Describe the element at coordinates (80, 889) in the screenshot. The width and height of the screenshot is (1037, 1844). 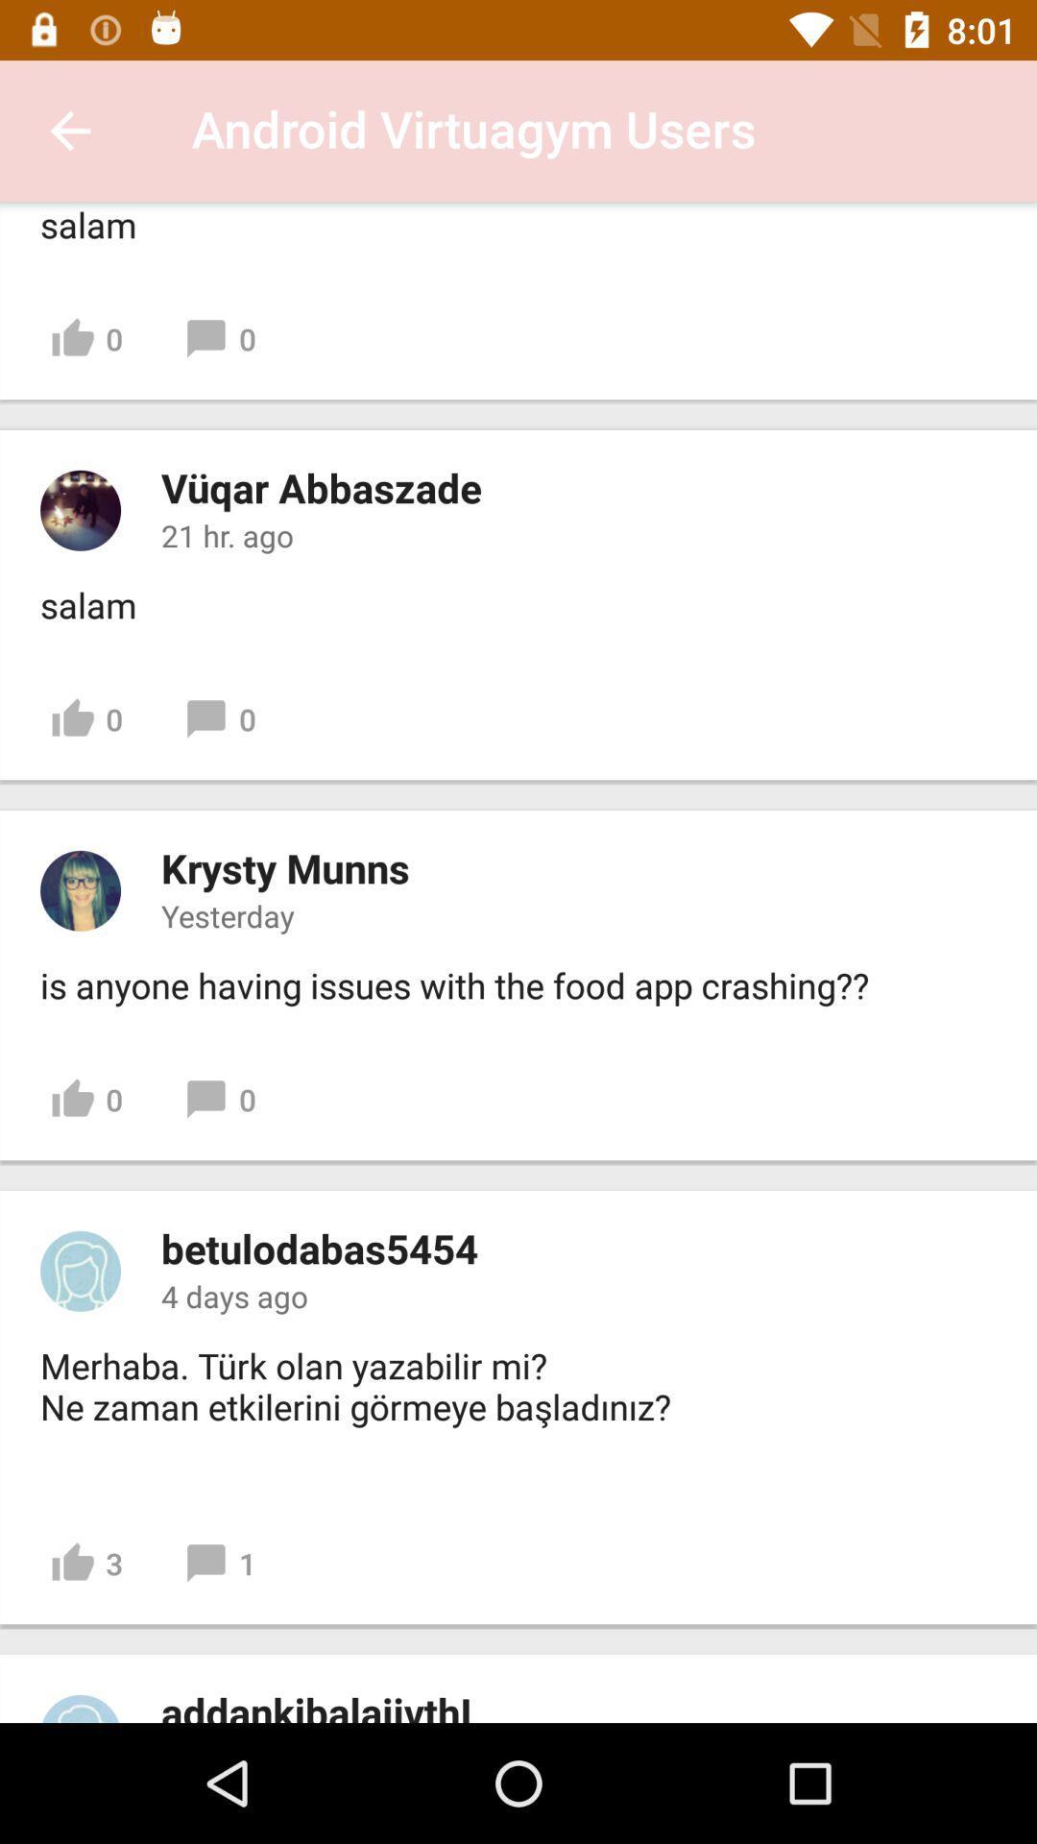
I see `person 's profile` at that location.